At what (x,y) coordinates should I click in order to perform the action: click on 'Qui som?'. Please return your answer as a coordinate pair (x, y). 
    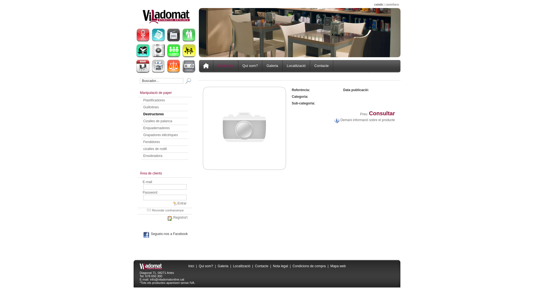
    Looking at the image, I should click on (206, 266).